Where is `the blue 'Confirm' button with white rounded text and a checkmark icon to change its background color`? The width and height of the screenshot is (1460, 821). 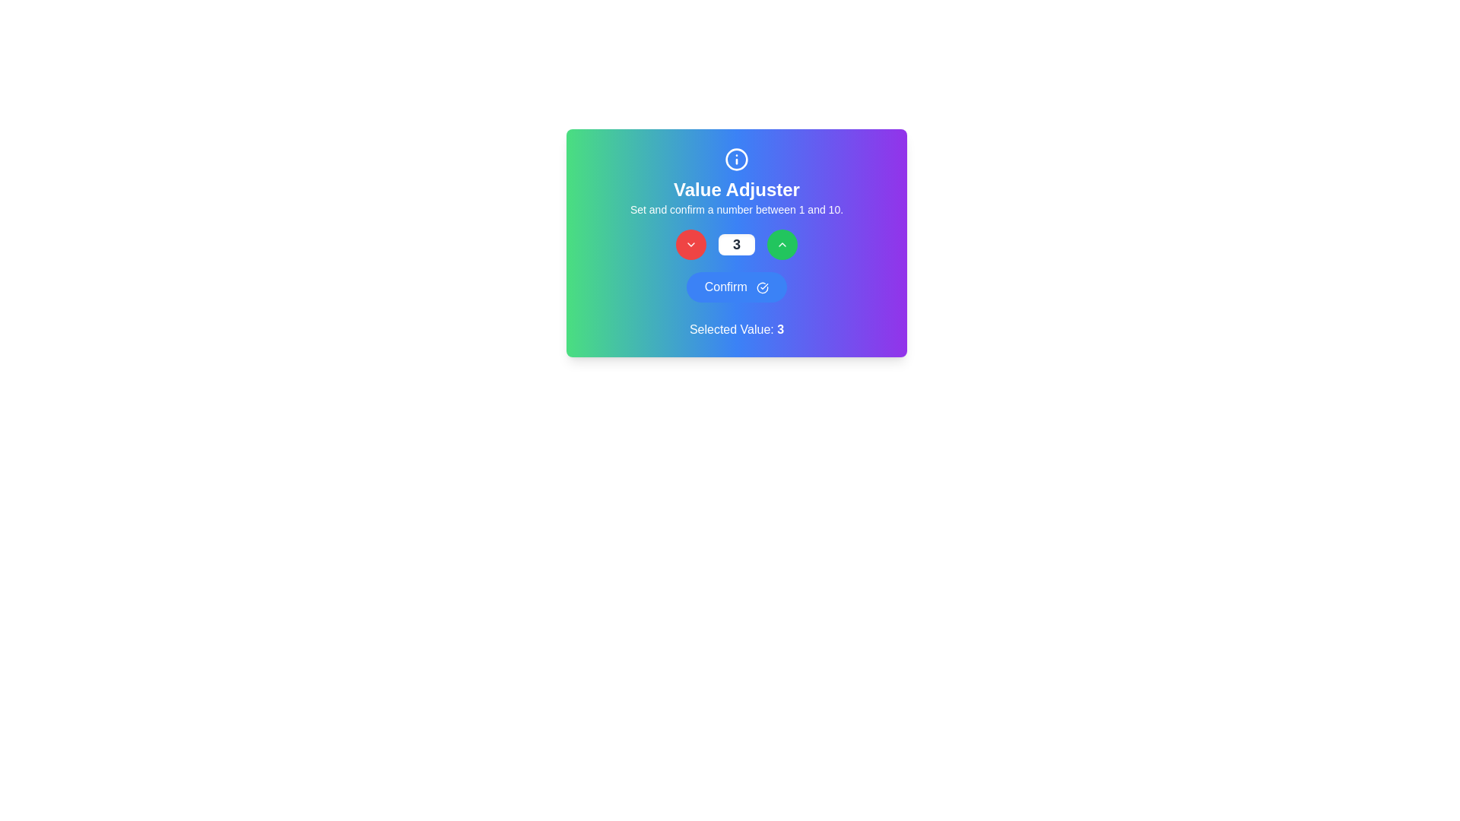
the blue 'Confirm' button with white rounded text and a checkmark icon to change its background color is located at coordinates (737, 287).